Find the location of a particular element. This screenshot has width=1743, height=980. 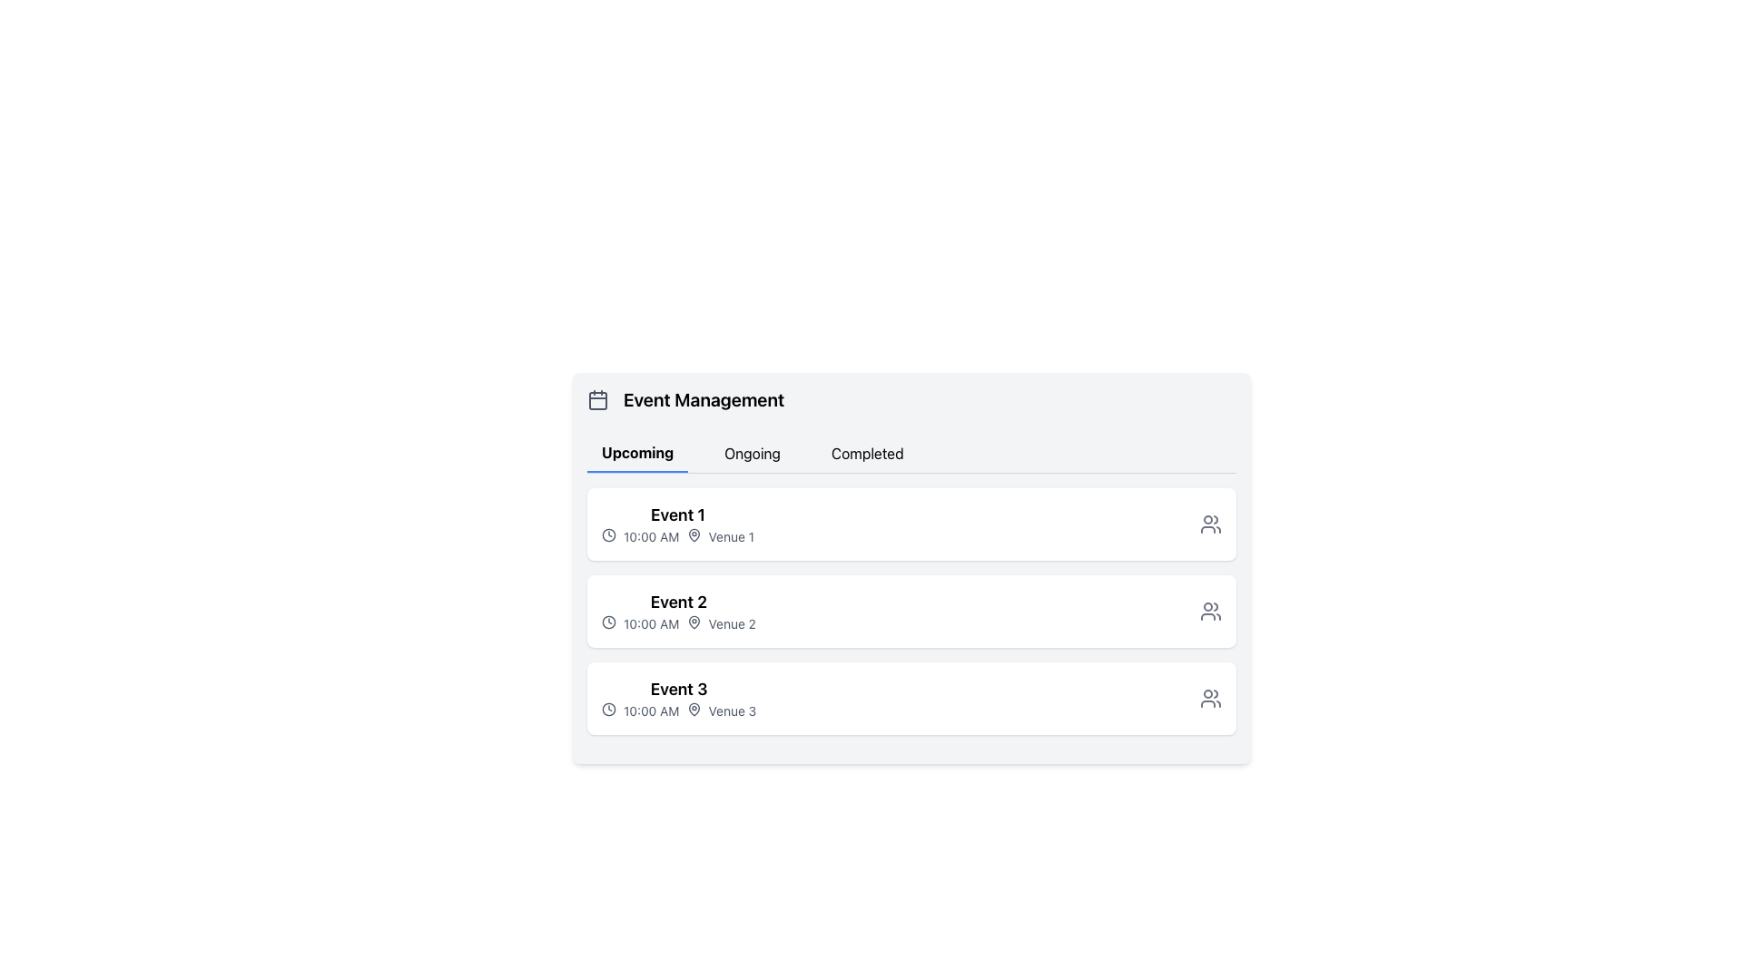

the circular component of the 'Event 2' icon is located at coordinates (609, 622).